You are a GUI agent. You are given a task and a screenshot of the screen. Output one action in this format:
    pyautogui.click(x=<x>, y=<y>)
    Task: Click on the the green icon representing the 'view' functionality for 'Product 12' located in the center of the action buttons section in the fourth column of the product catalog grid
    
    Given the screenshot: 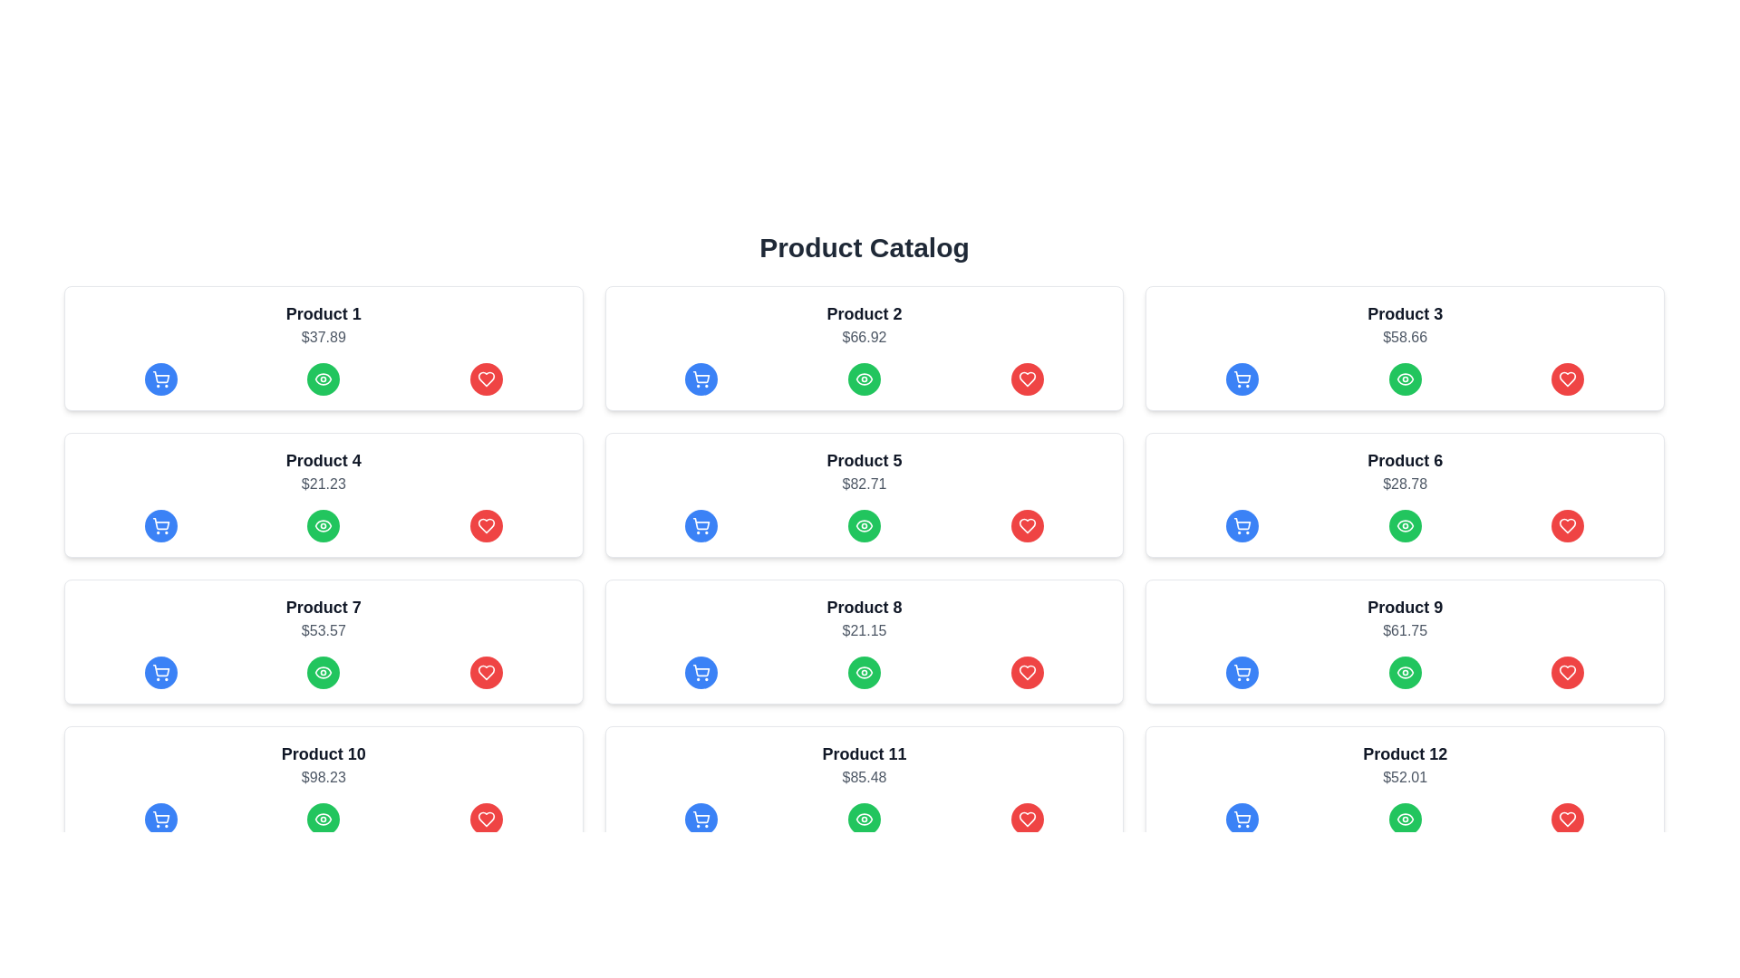 What is the action you would take?
    pyautogui.click(x=1404, y=820)
    